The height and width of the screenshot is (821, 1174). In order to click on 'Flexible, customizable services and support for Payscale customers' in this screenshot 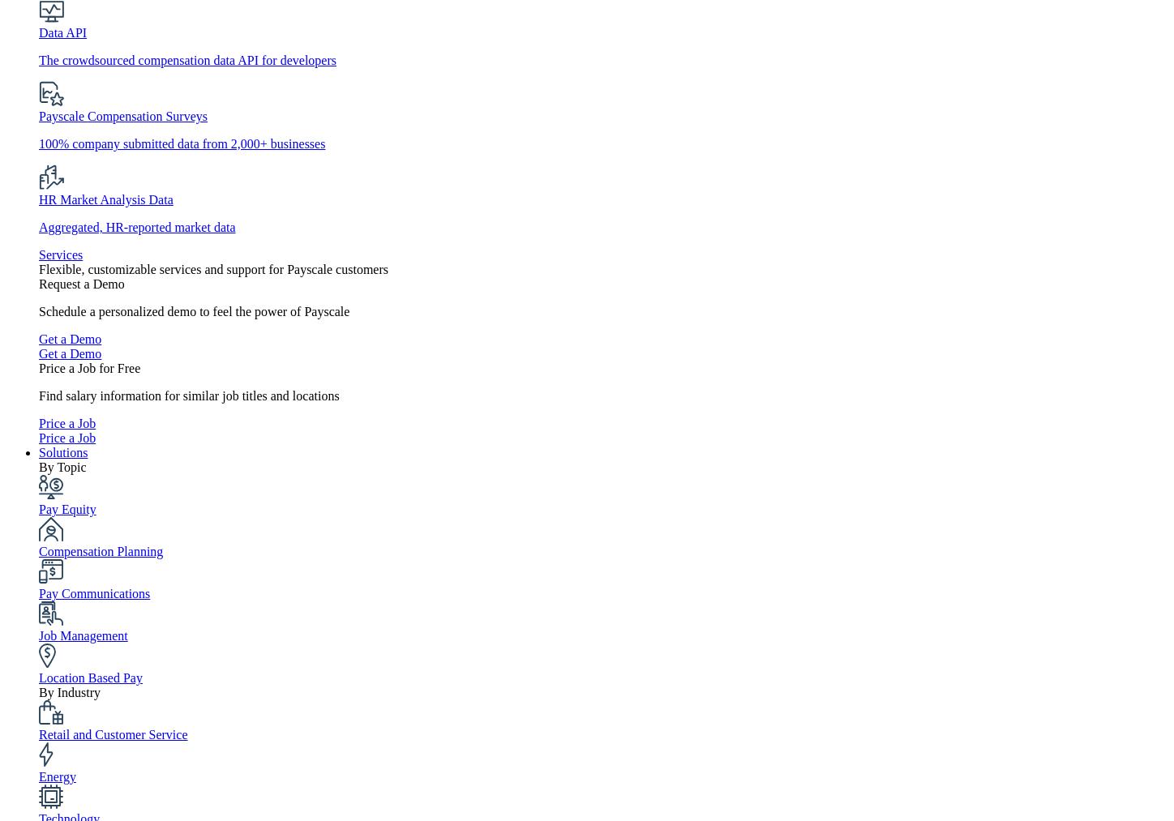, I will do `click(213, 269)`.